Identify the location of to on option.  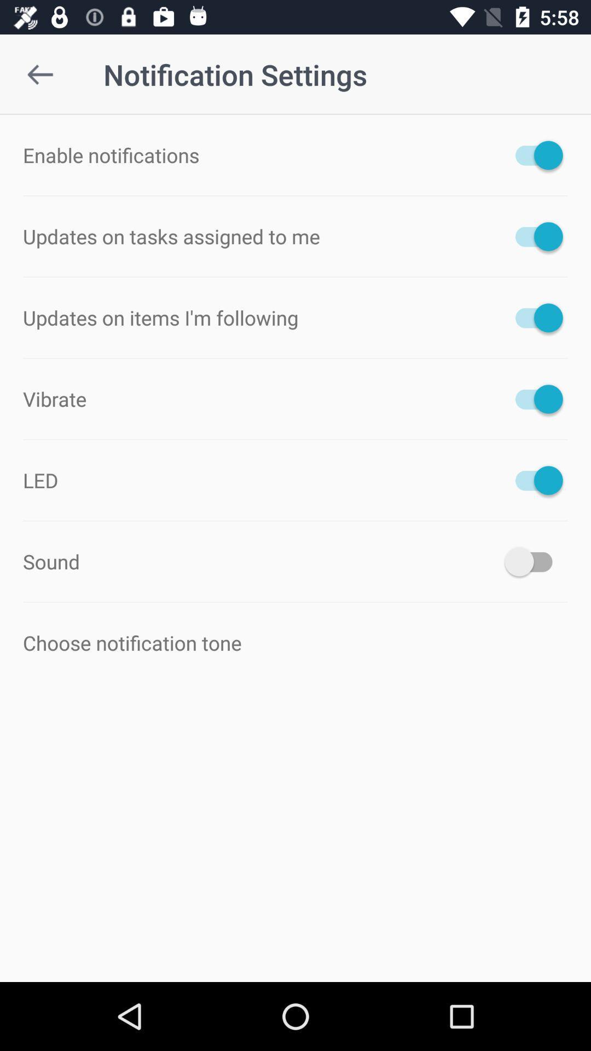
(533, 236).